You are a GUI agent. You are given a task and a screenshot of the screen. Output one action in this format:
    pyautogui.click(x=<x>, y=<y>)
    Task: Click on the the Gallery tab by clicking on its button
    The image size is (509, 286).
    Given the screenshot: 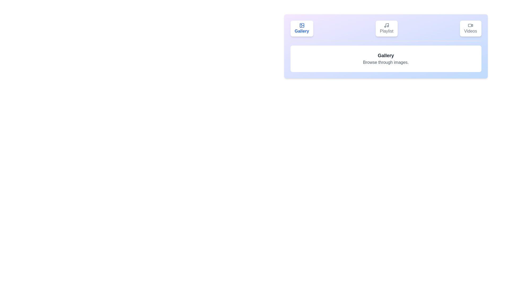 What is the action you would take?
    pyautogui.click(x=302, y=29)
    